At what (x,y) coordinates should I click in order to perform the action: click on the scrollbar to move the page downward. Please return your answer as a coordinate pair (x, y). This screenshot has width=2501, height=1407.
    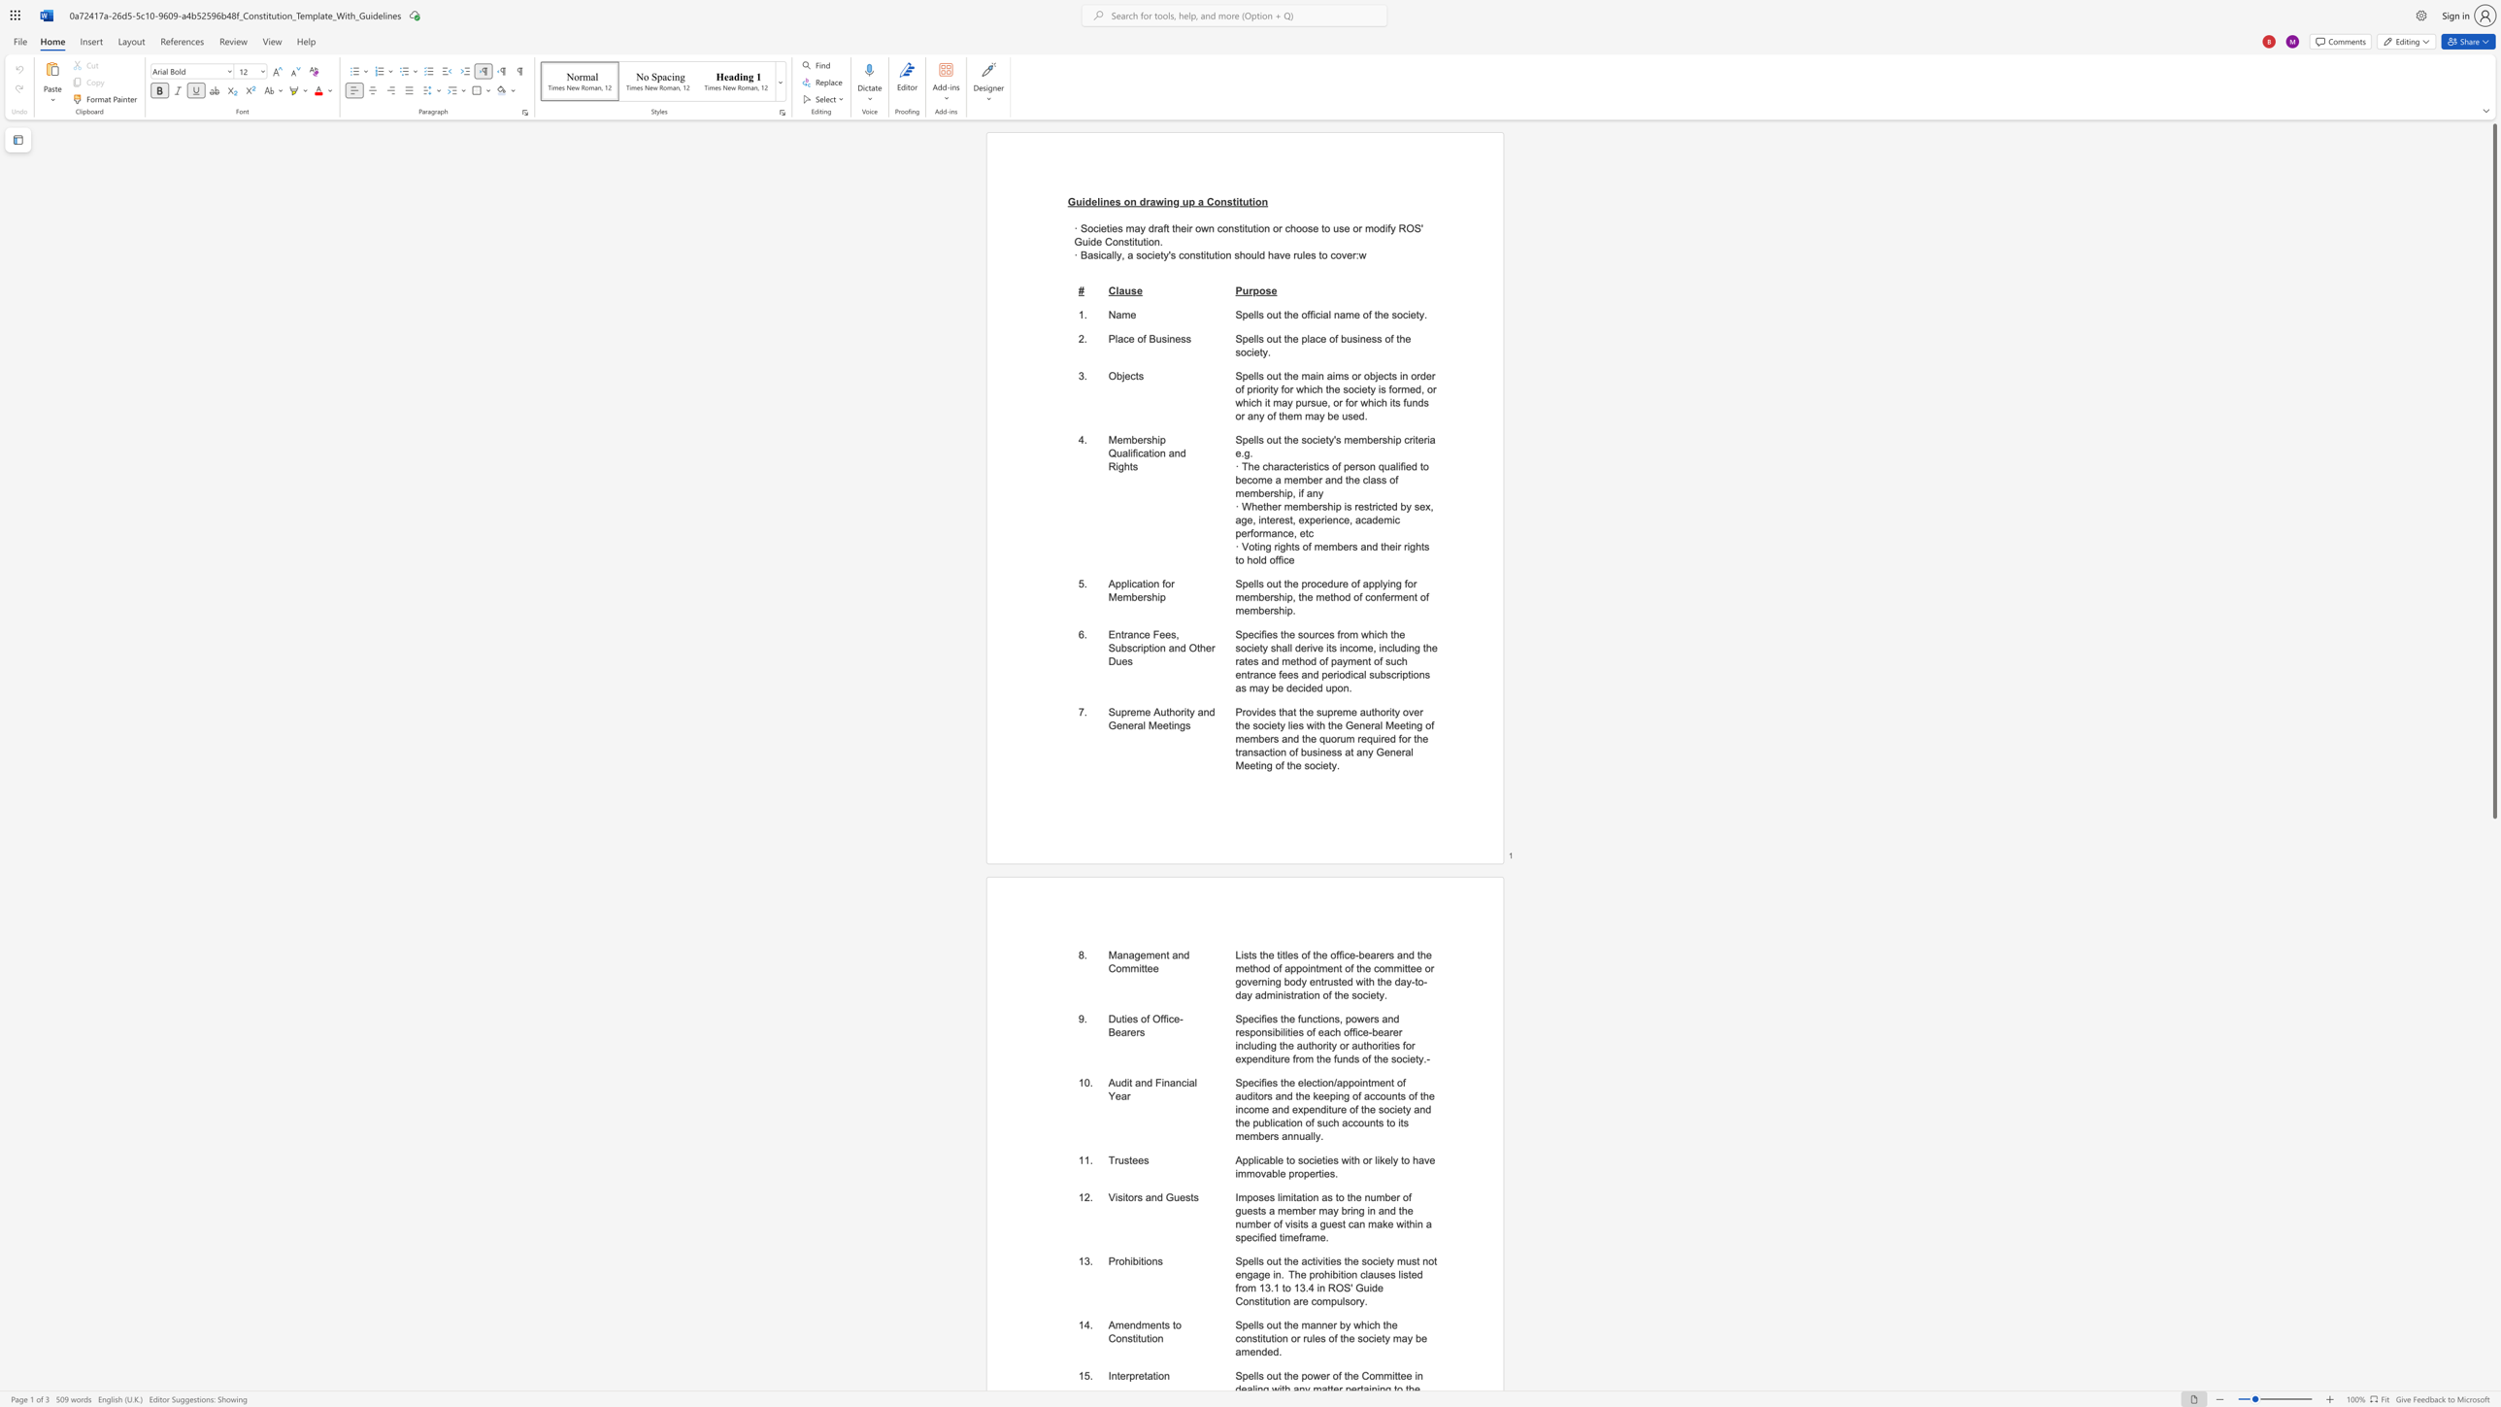
    Looking at the image, I should click on (2493, 1009).